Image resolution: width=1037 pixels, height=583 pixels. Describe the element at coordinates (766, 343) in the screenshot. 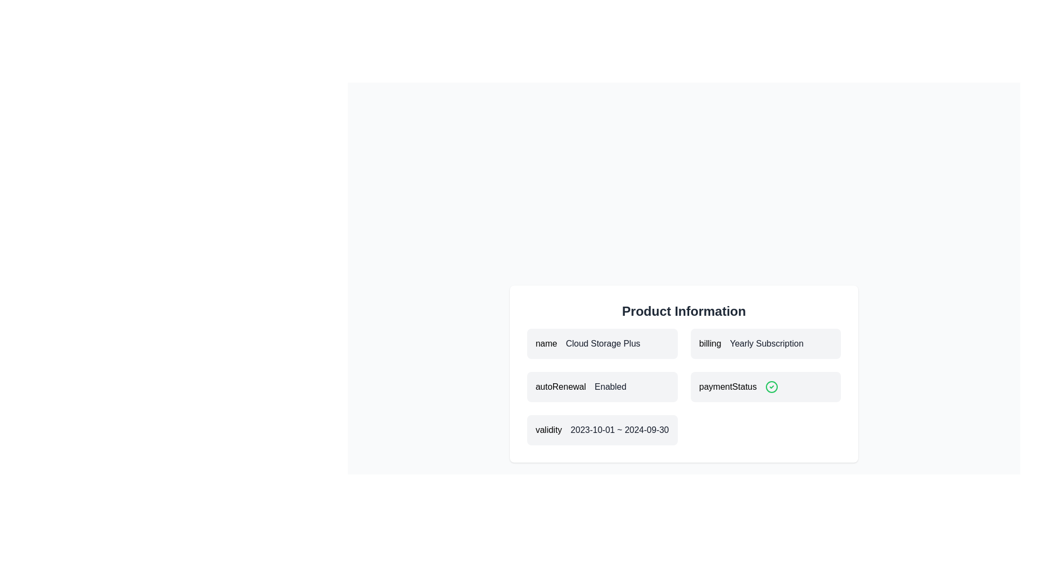

I see `the Text Label indicating the selected billing plan in the 'Product Information' card` at that location.